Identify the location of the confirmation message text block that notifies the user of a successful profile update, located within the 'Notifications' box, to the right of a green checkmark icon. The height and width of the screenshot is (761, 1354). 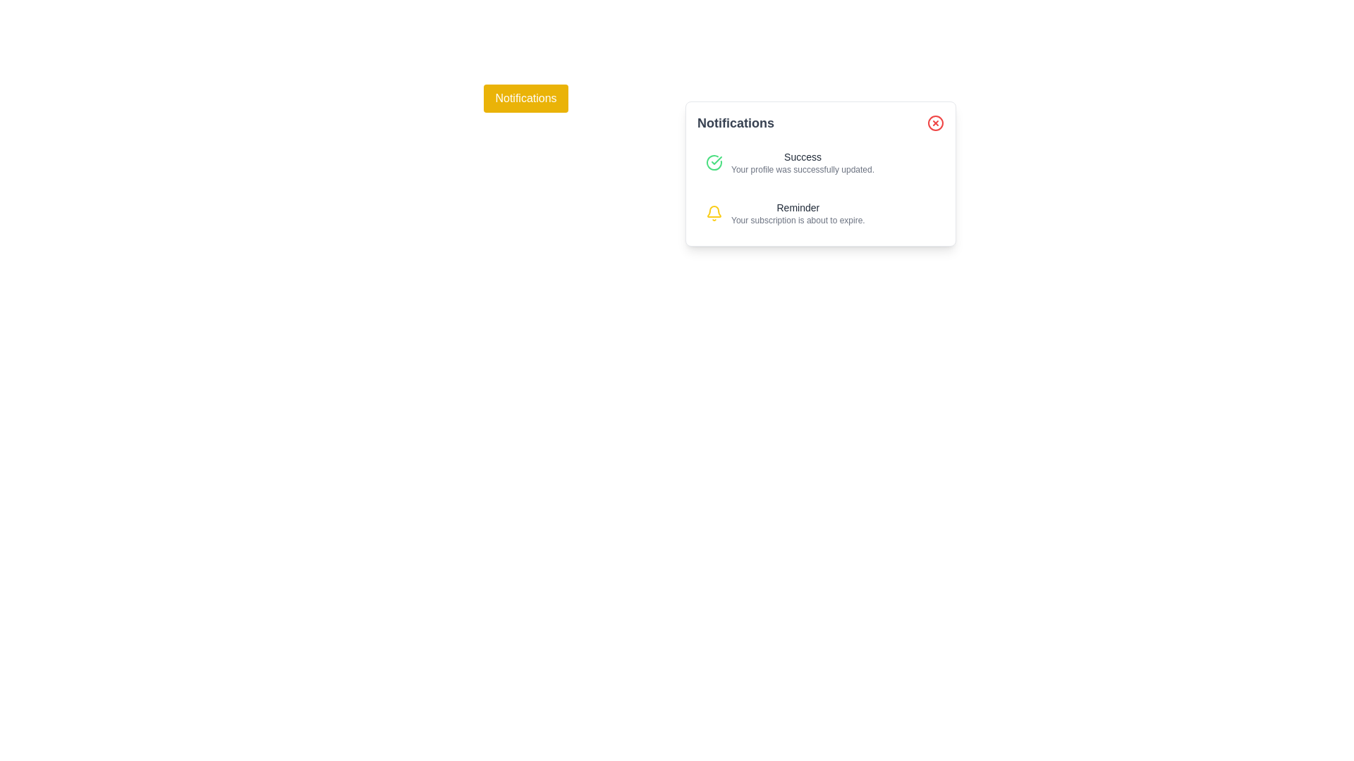
(803, 162).